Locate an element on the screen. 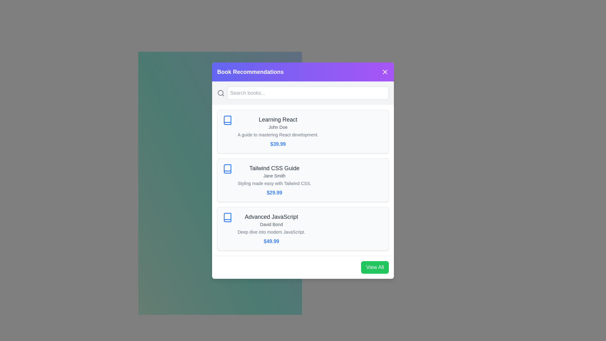 This screenshot has width=606, height=341. the 'View All' button, which is a solid green rectangular button with rounded corners located at the bottom-right of the dialog box is located at coordinates (375, 267).